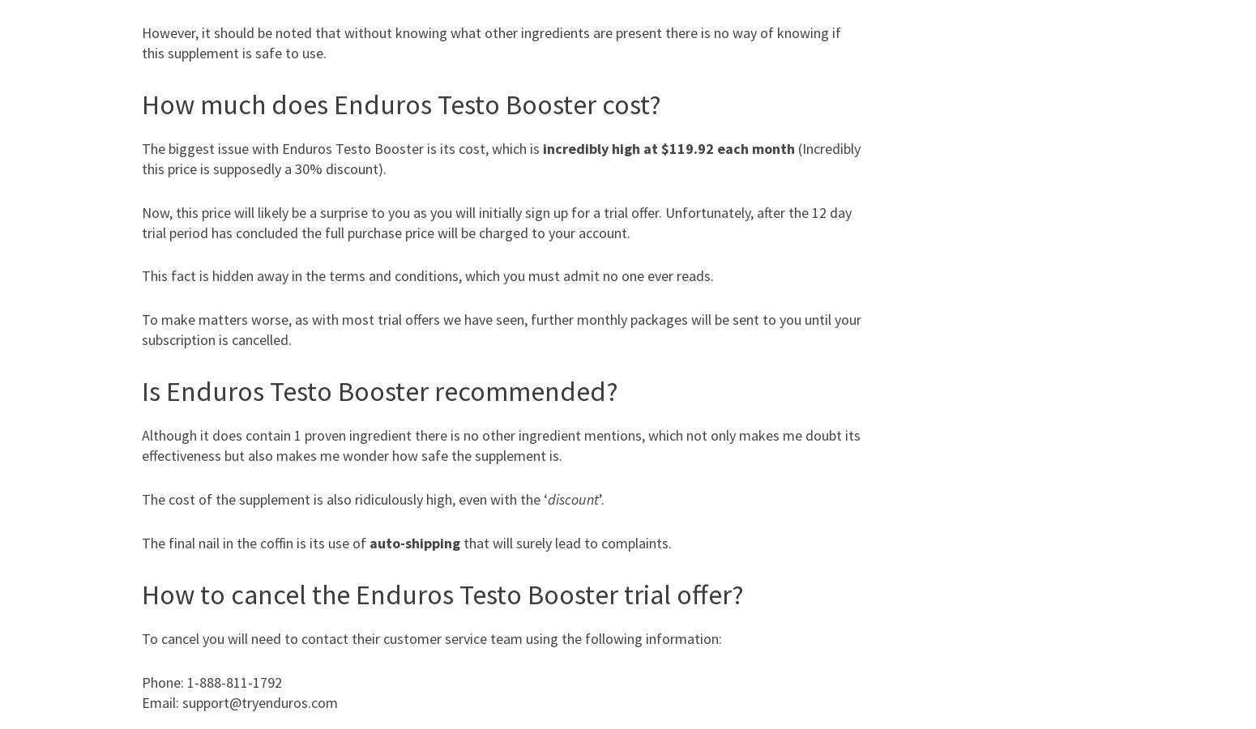 The width and height of the screenshot is (1256, 729). Describe the element at coordinates (1047, 82) in the screenshot. I see `'Stretching'` at that location.